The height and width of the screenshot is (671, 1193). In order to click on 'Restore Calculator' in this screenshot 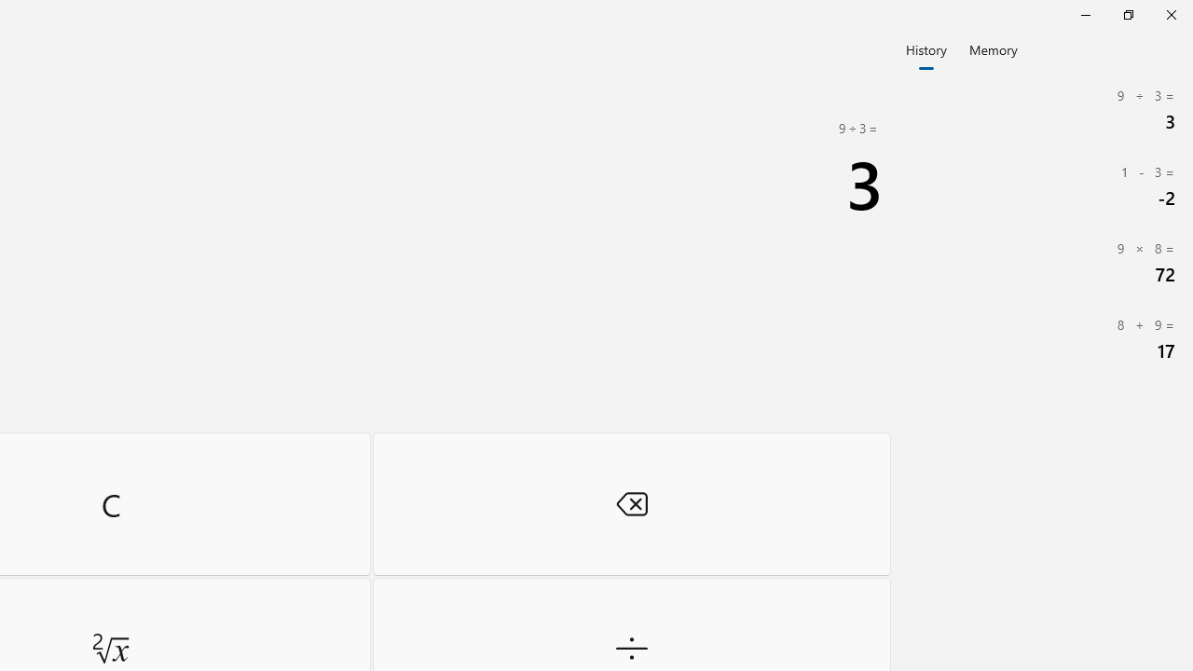, I will do `click(1127, 14)`.